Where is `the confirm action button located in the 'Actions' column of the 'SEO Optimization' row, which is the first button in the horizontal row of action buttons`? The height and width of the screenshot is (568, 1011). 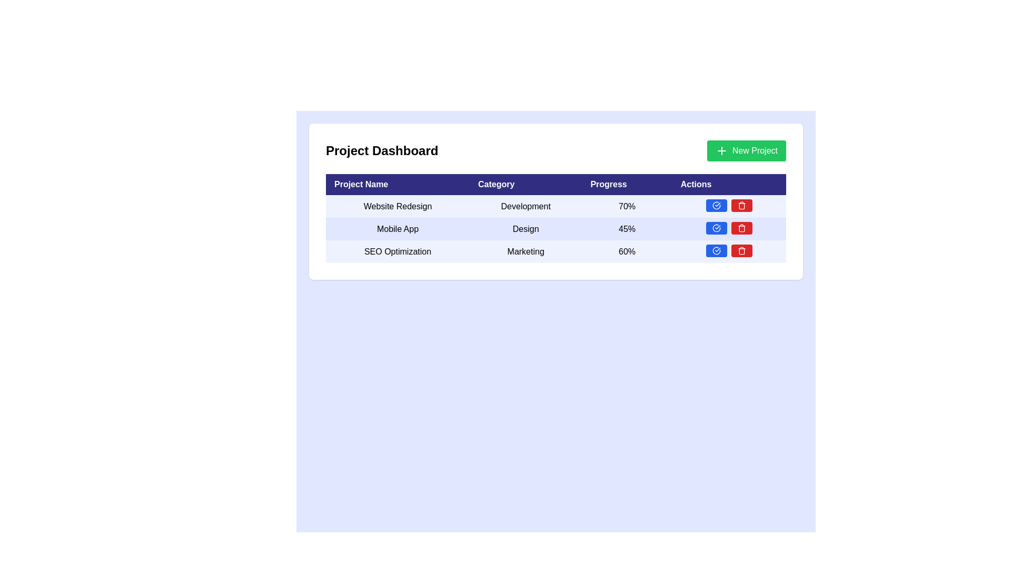 the confirm action button located in the 'Actions' column of the 'SEO Optimization' row, which is the first button in the horizontal row of action buttons is located at coordinates (716, 251).